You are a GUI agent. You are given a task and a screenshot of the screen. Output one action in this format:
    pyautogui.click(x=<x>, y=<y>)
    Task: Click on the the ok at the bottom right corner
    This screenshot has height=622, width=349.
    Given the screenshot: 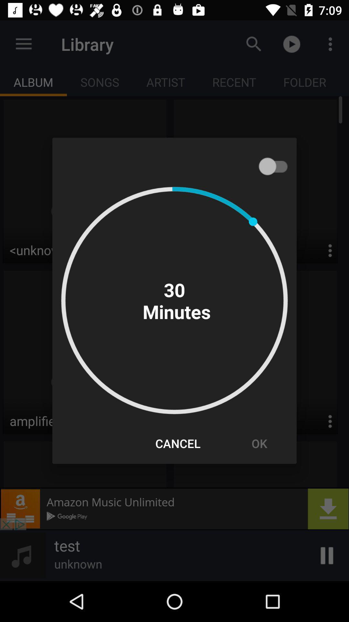 What is the action you would take?
    pyautogui.click(x=259, y=443)
    